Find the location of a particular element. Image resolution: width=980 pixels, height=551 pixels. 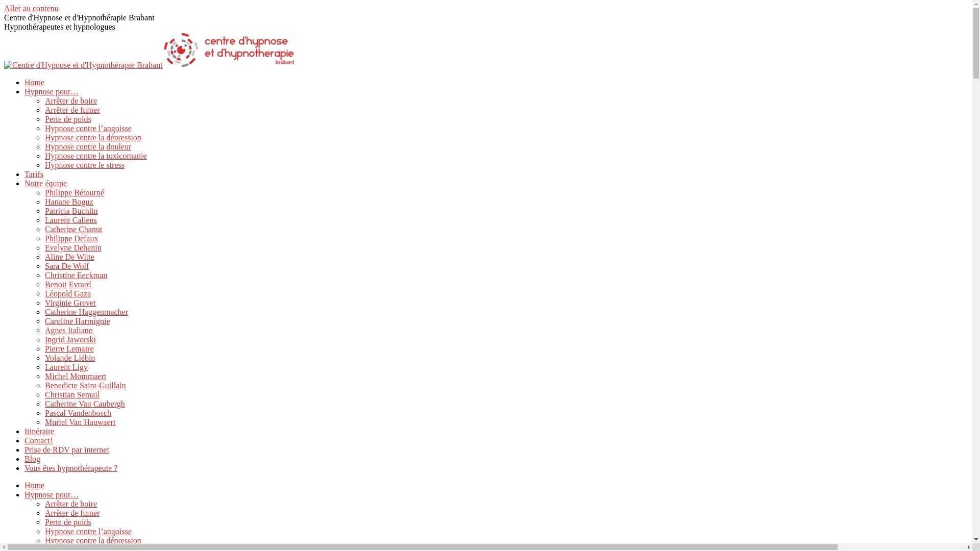

'Catherine Haggenmacher' is located at coordinates (86, 311).